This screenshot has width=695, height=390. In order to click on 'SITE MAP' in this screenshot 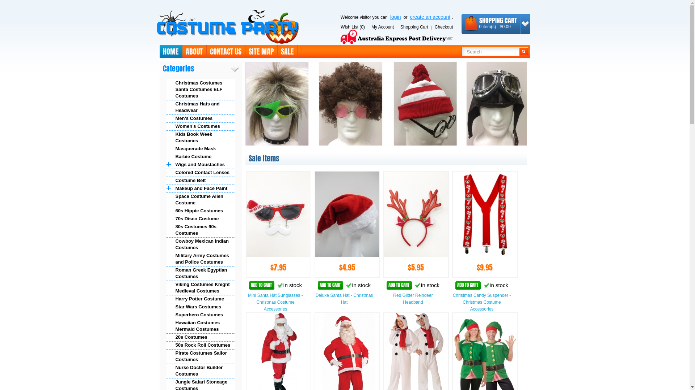, I will do `click(245, 51)`.